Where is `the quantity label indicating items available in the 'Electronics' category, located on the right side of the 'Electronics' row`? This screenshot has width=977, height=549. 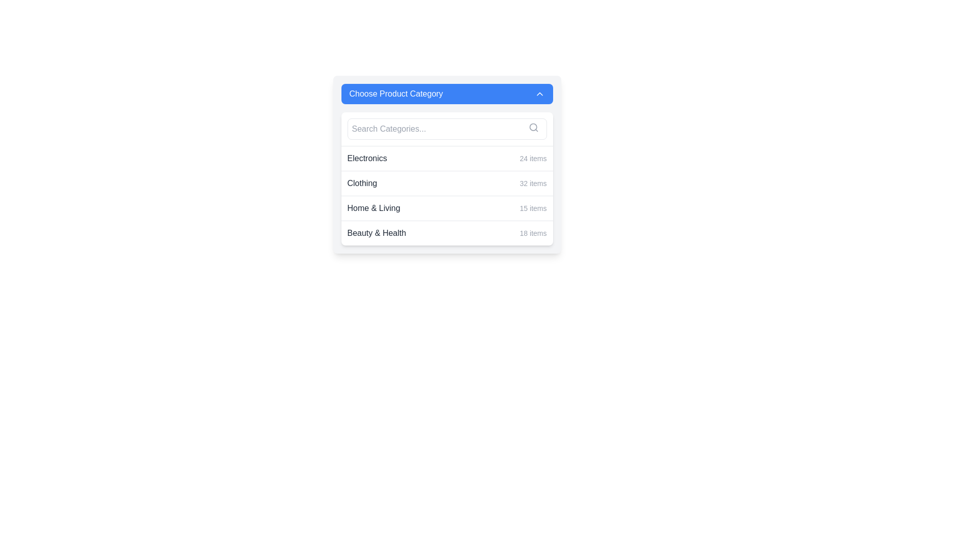
the quantity label indicating items available in the 'Electronics' category, located on the right side of the 'Electronics' row is located at coordinates (533, 159).